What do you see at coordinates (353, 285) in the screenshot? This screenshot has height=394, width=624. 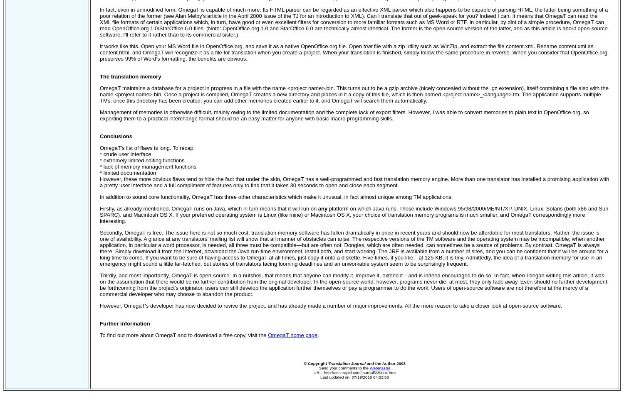 I see `'Thirdly, and most importantly, OmegaT is open-source. In a nutshell, that means that anyone can modify it, improve it, extend it—and is indeed encouraged to do so. In fact, when I began writing this article, it was on the assumption that there would be no further contribution from the original developer. In the open-source world, however, programs never die; at most, they only fade away. Even should no further development be forthcoming from the project's originator, users can still develop the application further themselves or pay a programmer to do the work. Users of open-source software are not therefore at the mercy of a commercial developer who may choose to abandon the product.'` at bounding box center [353, 285].